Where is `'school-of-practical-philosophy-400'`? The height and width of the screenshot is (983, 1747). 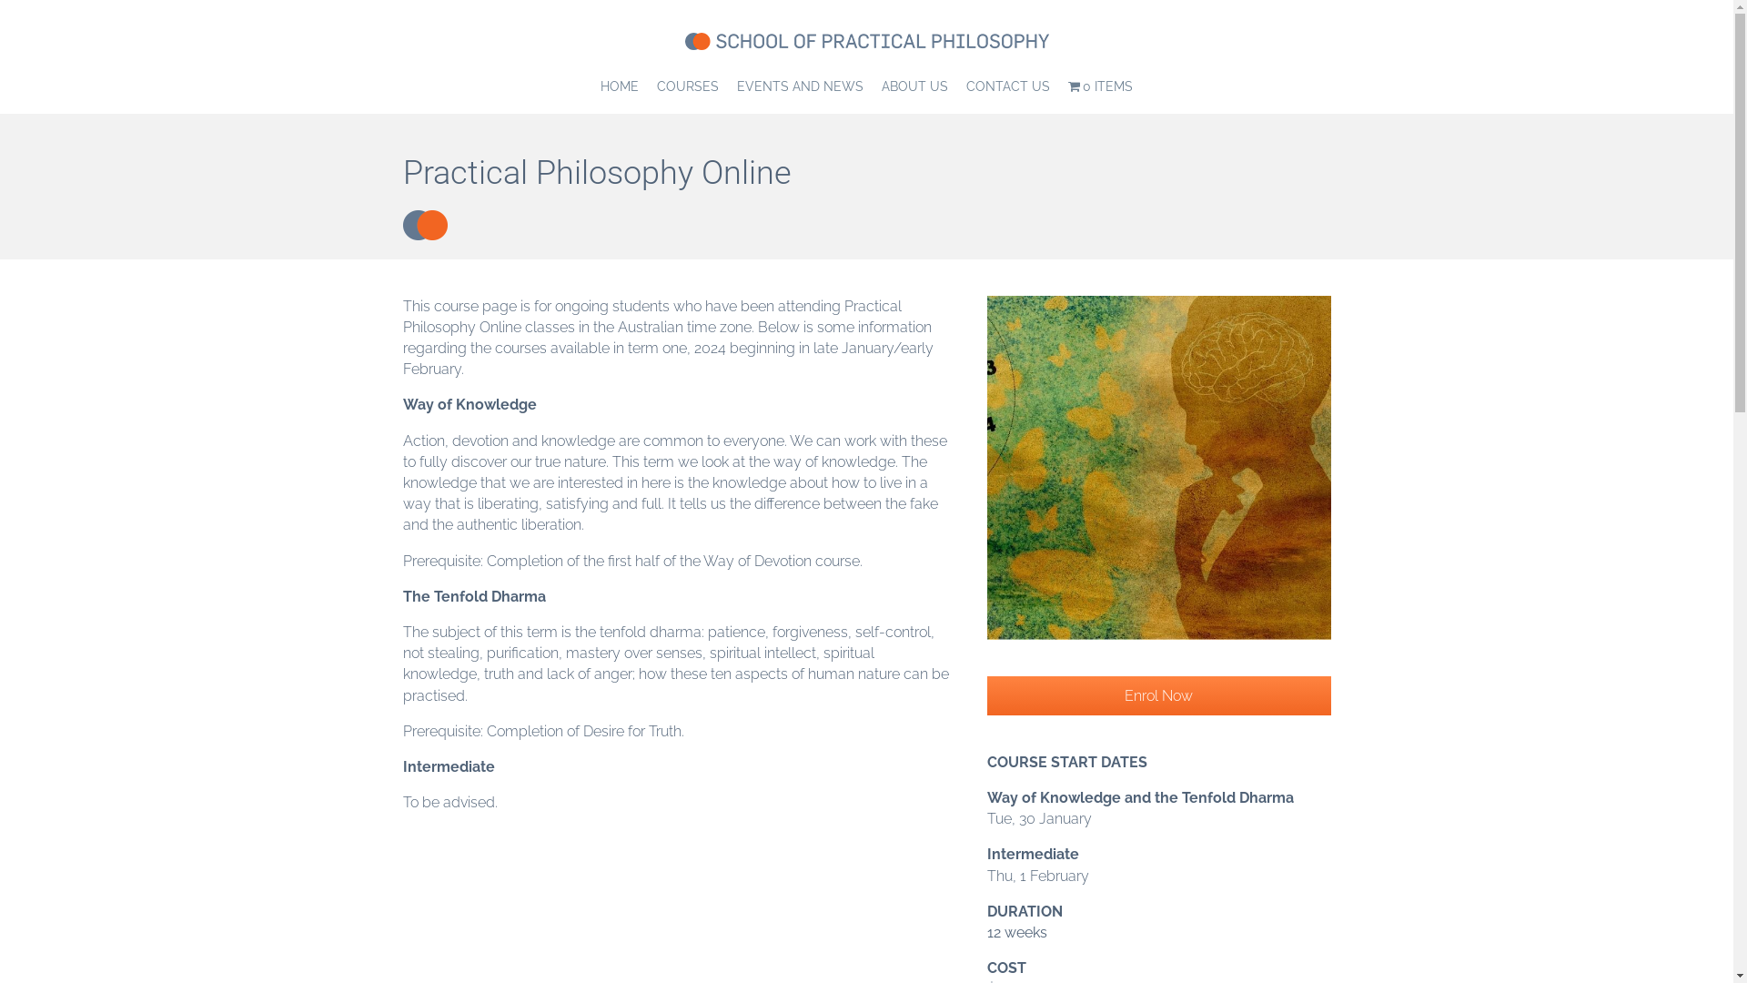
'school-of-practical-philosophy-400' is located at coordinates (864, 41).